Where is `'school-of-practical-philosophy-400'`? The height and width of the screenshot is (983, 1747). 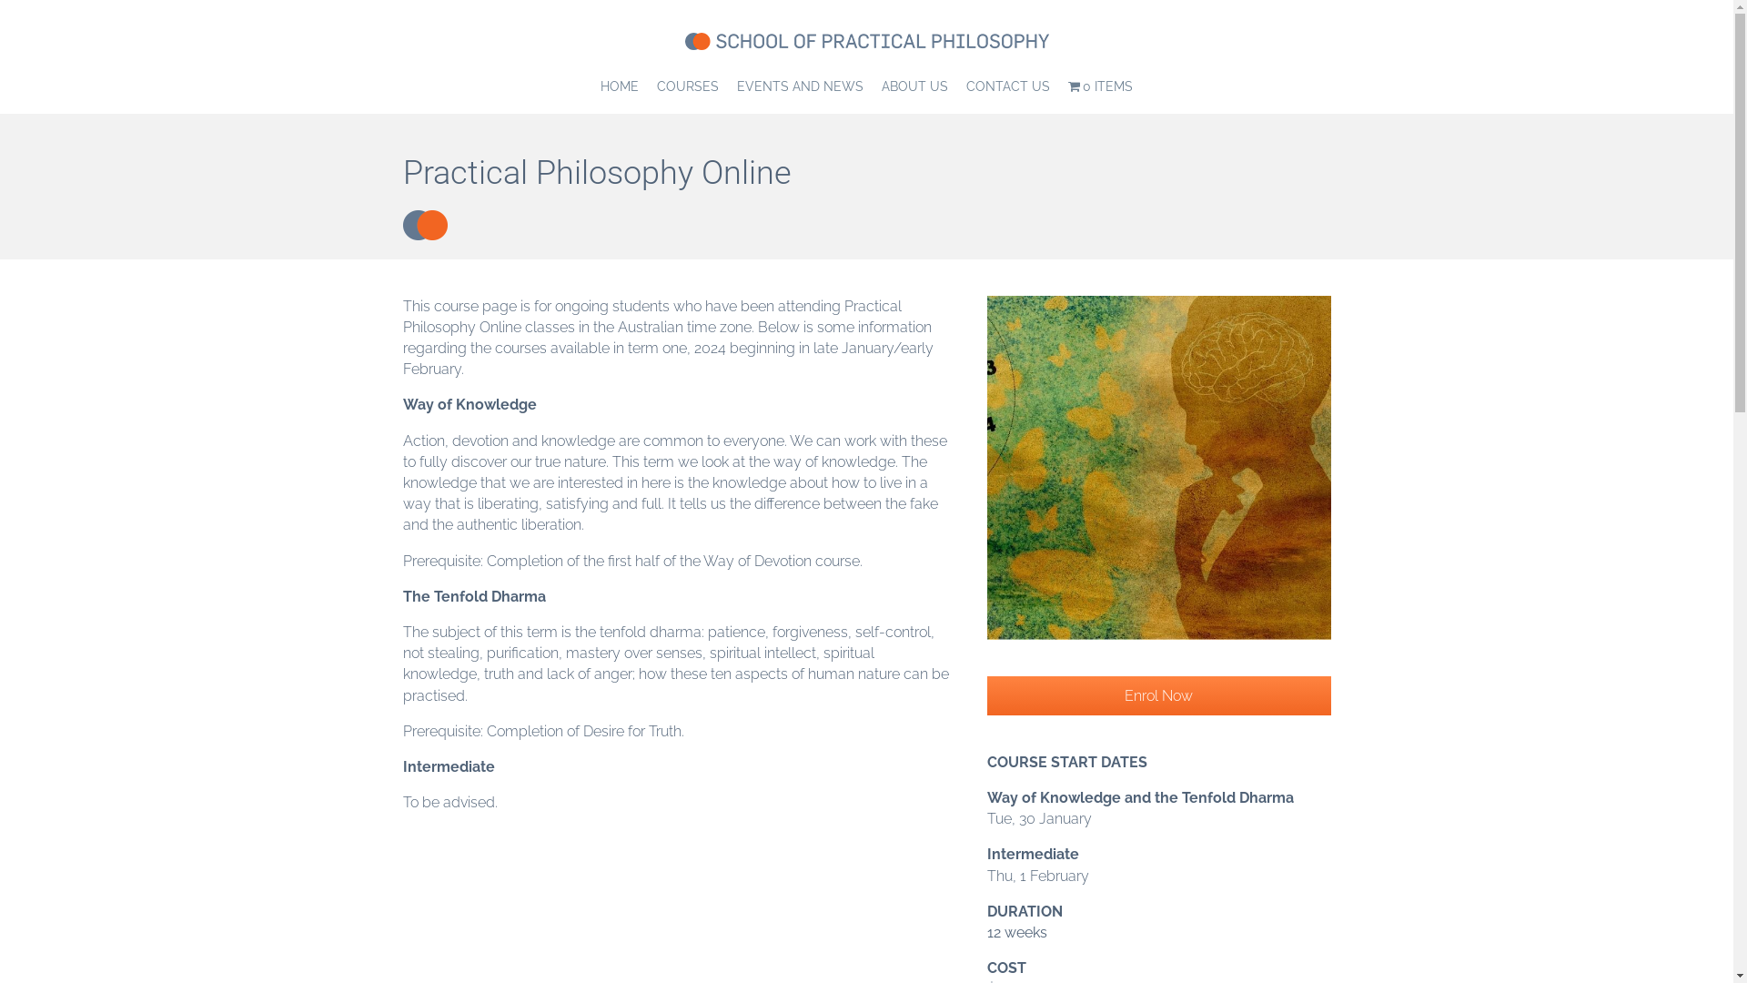
'school-of-practical-philosophy-400' is located at coordinates (864, 41).